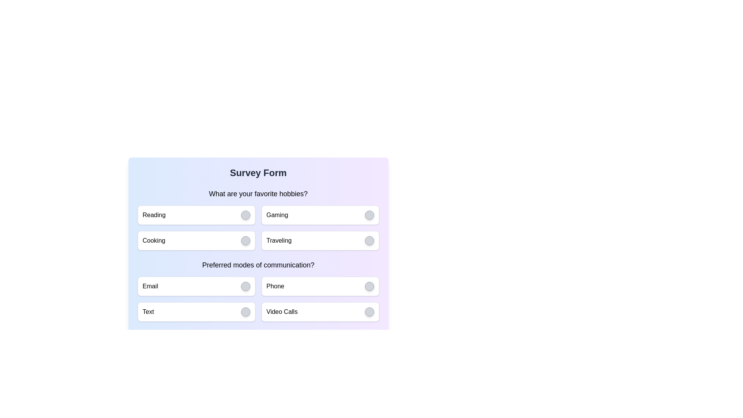 The width and height of the screenshot is (743, 418). What do you see at coordinates (245, 215) in the screenshot?
I see `the radio button for 'Reading', which is a small circular button with a gray background located to the left of the labeled text 'Reading'` at bounding box center [245, 215].